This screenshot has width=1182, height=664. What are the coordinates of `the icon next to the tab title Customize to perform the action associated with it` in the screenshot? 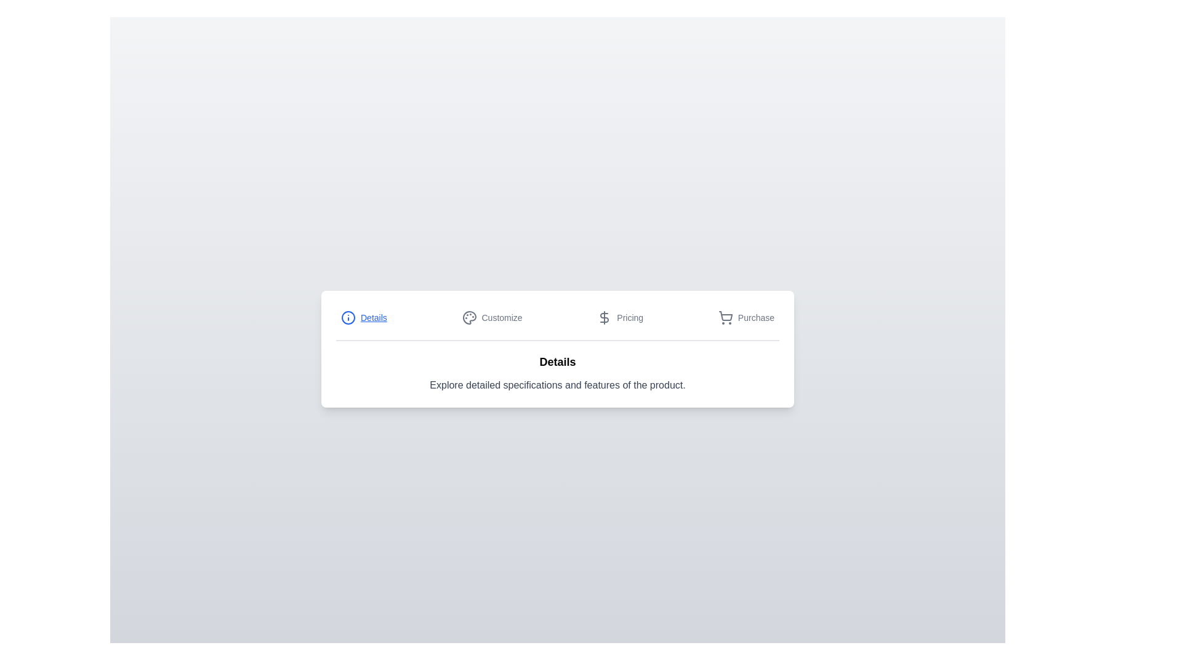 It's located at (468, 317).